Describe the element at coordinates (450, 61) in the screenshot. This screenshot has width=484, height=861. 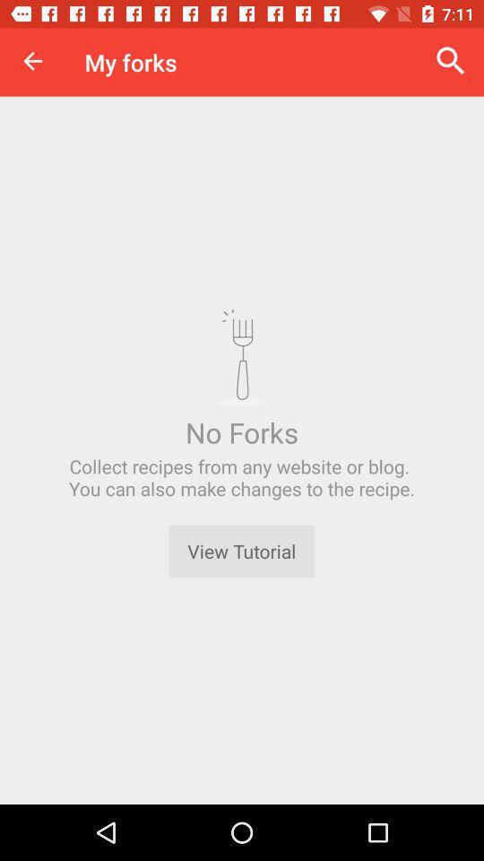
I see `item next to the my forks` at that location.